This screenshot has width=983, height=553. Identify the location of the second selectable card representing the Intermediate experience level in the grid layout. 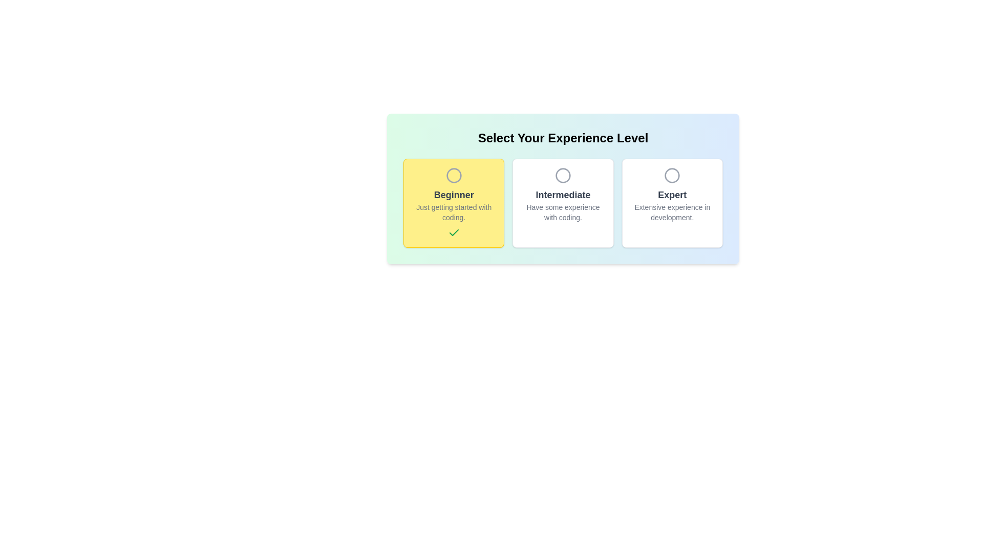
(562, 203).